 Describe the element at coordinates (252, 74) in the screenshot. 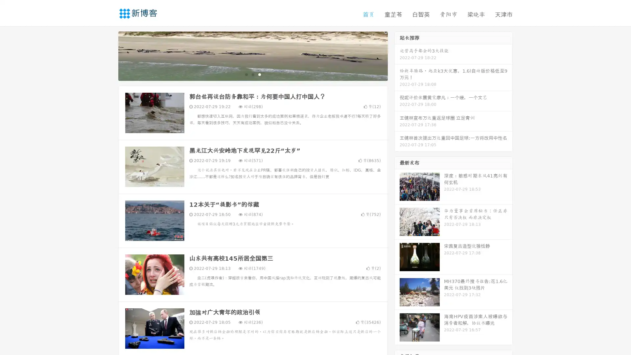

I see `Go to slide 2` at that location.